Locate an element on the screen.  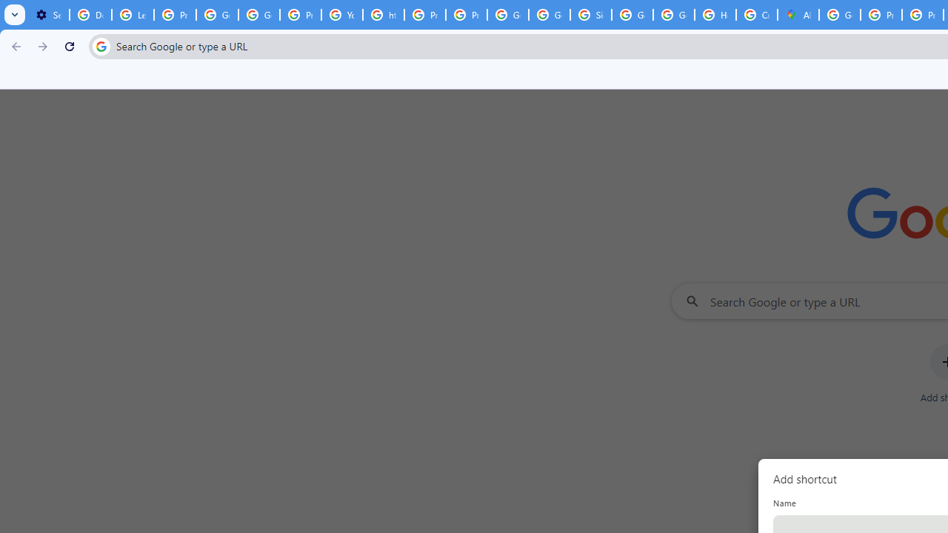
'Delete photos & videos - Computer - Google Photos Help' is located at coordinates (90, 15).